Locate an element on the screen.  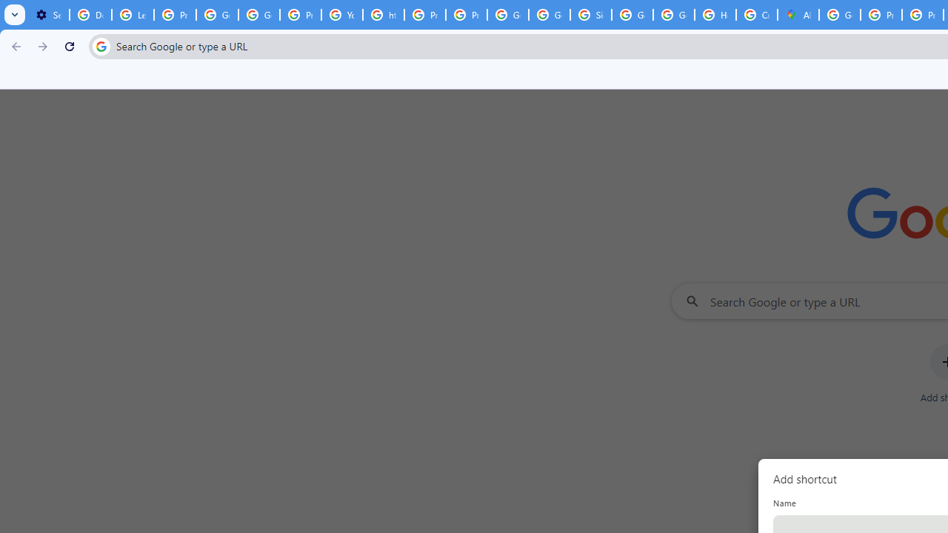
'Delete photos & videos - Computer - Google Photos Help' is located at coordinates (90, 15).